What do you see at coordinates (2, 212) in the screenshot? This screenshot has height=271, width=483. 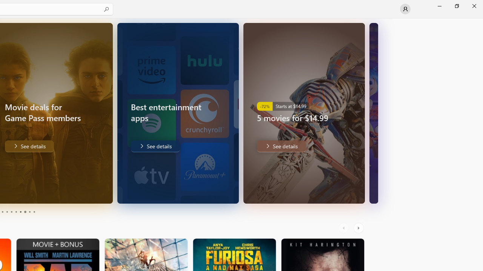 I see `'Page 3'` at bounding box center [2, 212].